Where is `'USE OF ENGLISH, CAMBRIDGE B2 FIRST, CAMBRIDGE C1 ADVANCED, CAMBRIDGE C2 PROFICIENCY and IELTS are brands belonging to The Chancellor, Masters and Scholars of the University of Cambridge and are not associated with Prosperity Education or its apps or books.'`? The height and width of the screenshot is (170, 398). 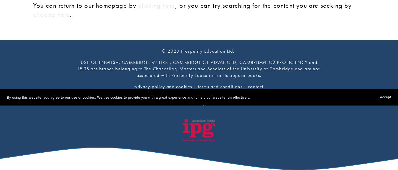 'USE OF ENGLISH, CAMBRIDGE B2 FIRST, CAMBRIDGE C1 ADVANCED, CAMBRIDGE C2 PROFICIENCY and IELTS are brands belonging to The Chancellor, Masters and Scholars of the University of Cambridge and are not associated with Prosperity Education or its apps or books.' is located at coordinates (199, 68).